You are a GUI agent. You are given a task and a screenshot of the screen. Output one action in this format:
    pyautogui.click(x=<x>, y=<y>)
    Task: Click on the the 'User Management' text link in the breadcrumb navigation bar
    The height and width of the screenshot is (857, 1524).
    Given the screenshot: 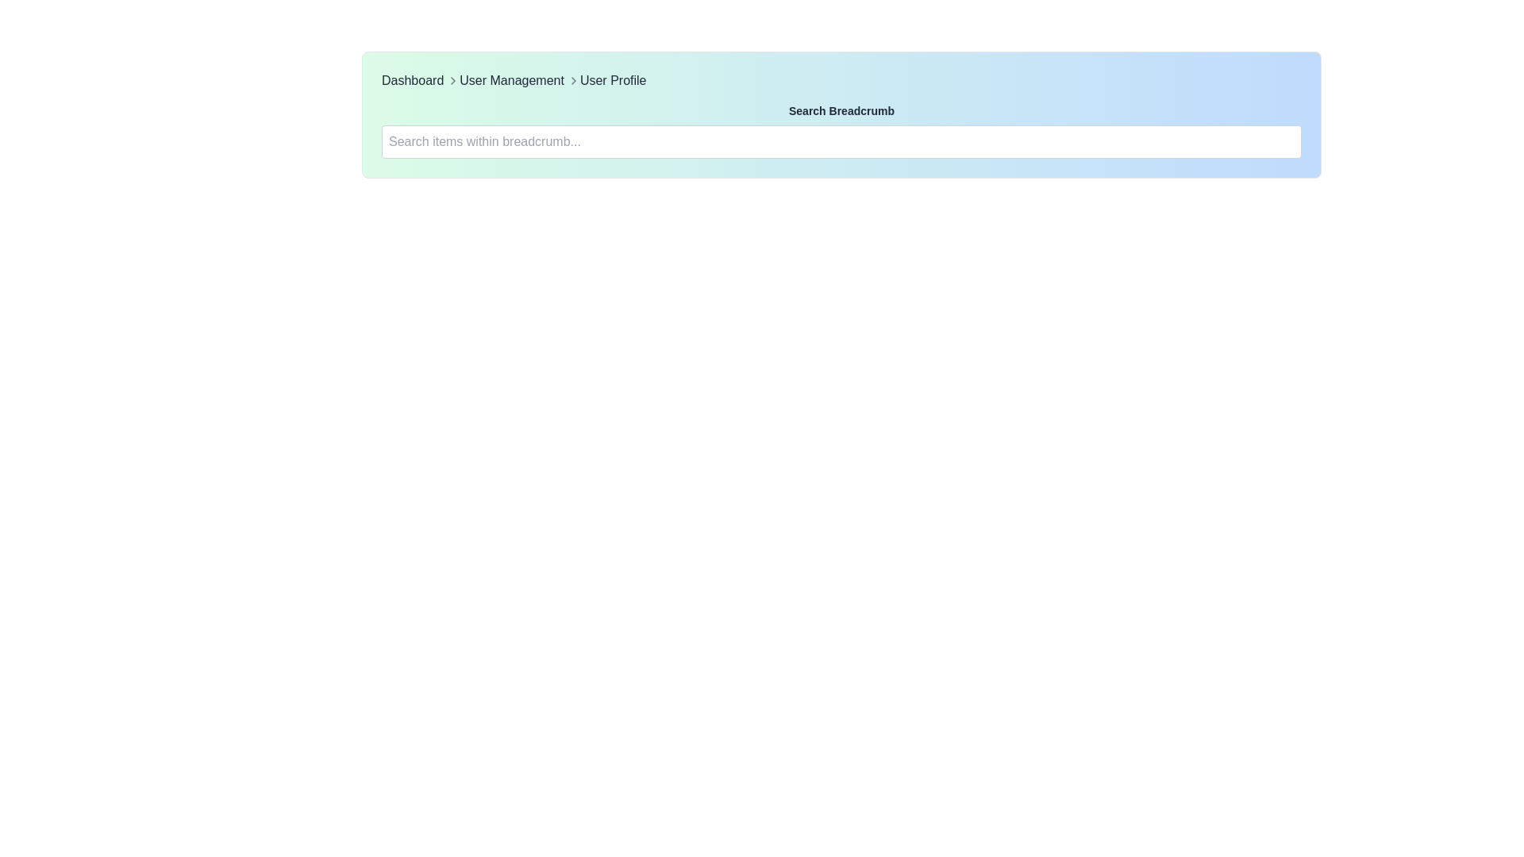 What is the action you would take?
    pyautogui.click(x=512, y=80)
    